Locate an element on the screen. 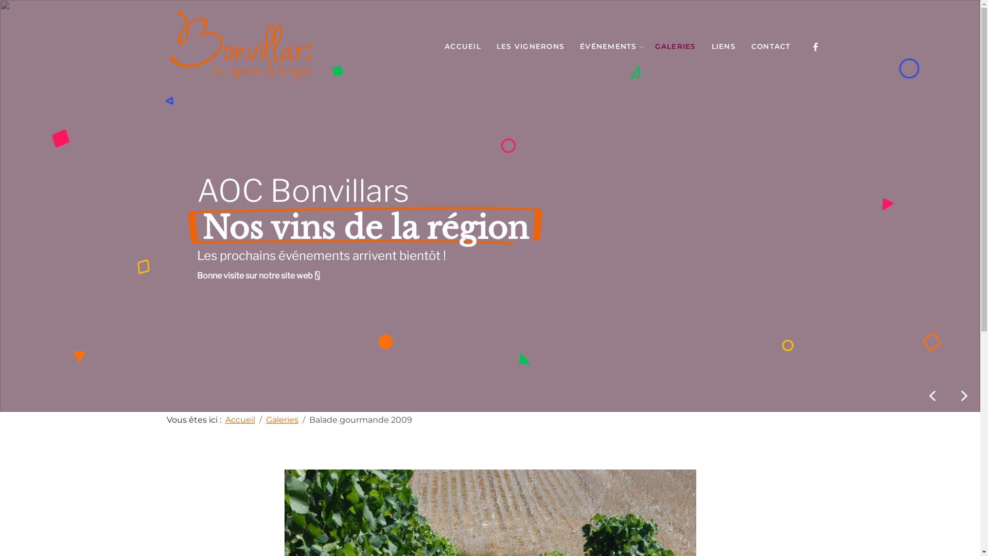  'Accueil' is located at coordinates (239, 420).